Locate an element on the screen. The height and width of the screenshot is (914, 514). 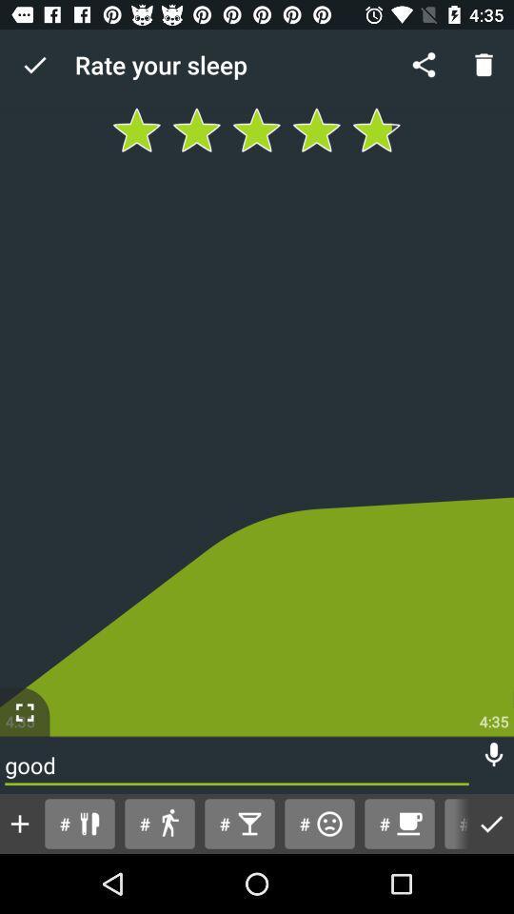
button next to # is located at coordinates (491, 823).